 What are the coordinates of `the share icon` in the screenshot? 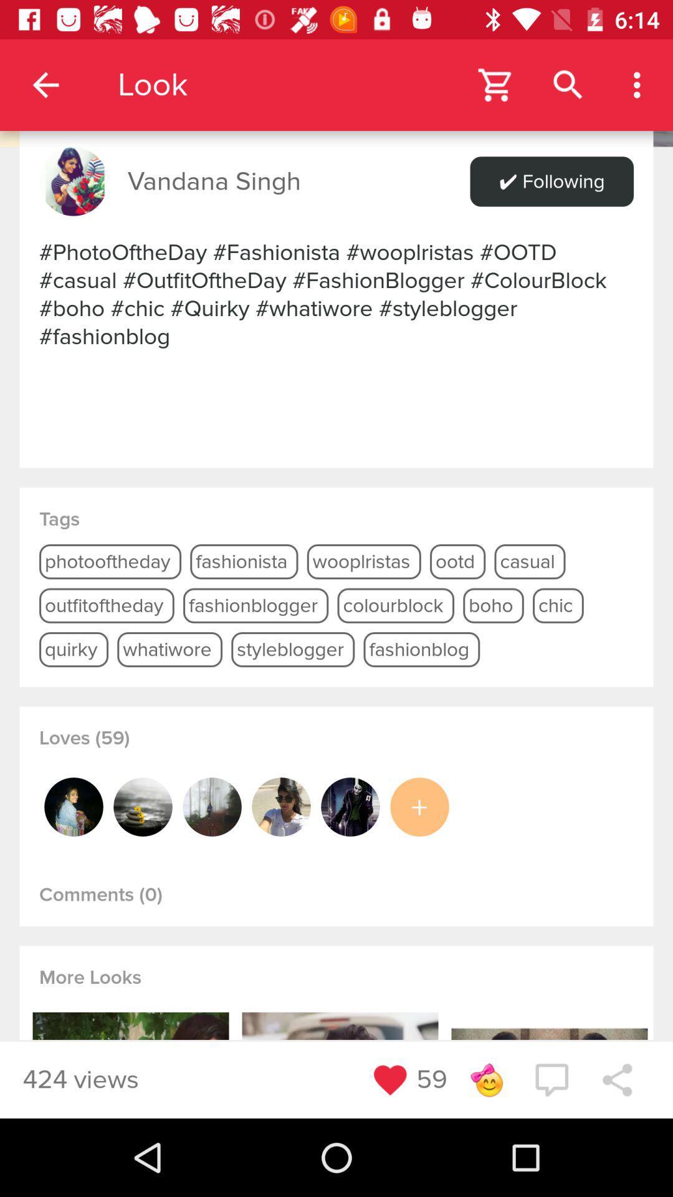 It's located at (617, 1079).